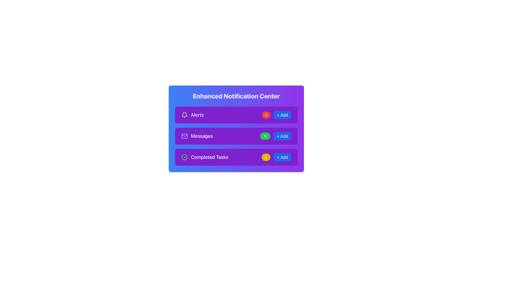 The height and width of the screenshot is (285, 507). Describe the element at coordinates (282, 115) in the screenshot. I see `the actionable button for adding a new item in the 'Alerts' section located on the right side of the top row within the 'Enhanced Notification Center' card` at that location.